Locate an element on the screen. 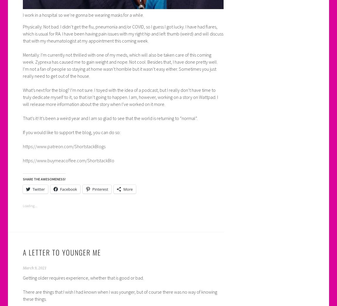 This screenshot has height=306, width=337. 'If you would like to support the blog, you can do so:' is located at coordinates (71, 131).